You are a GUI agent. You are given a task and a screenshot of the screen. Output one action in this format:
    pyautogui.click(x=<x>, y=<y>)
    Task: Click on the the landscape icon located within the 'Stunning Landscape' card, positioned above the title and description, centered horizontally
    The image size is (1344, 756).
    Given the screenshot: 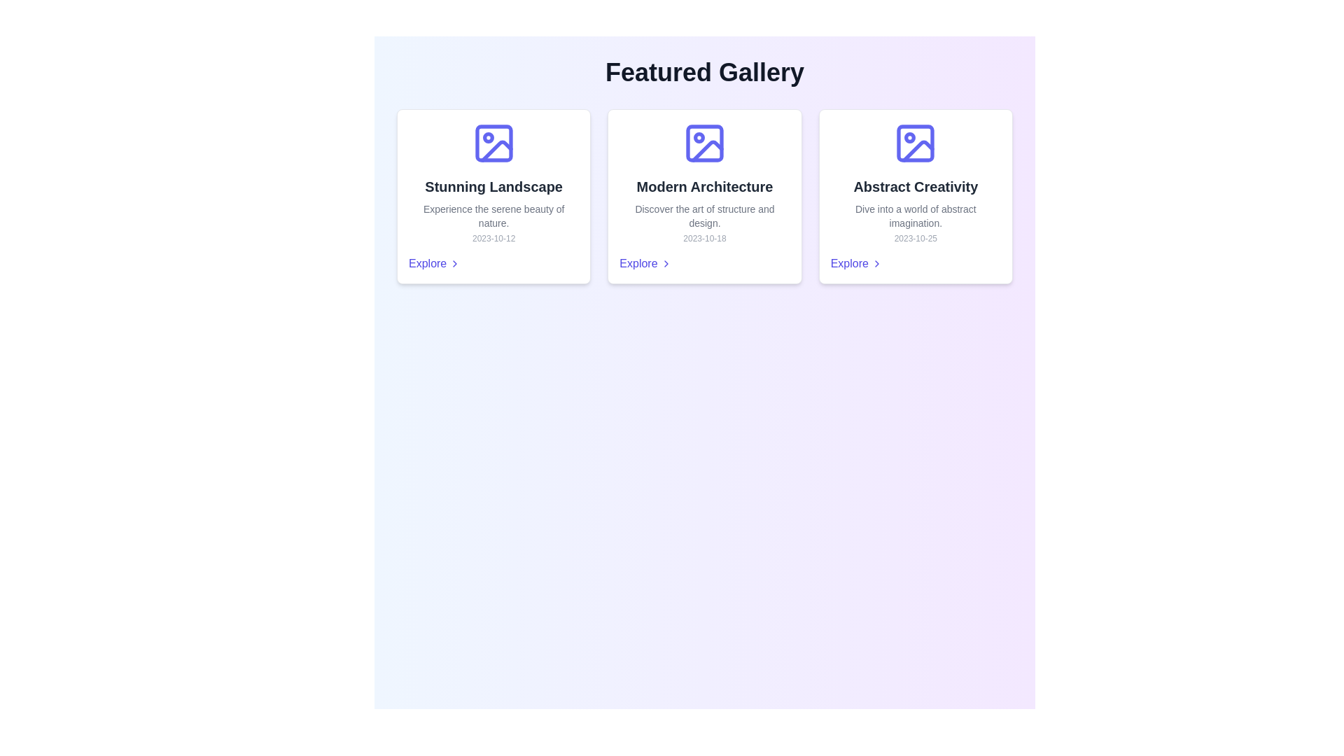 What is the action you would take?
    pyautogui.click(x=493, y=143)
    